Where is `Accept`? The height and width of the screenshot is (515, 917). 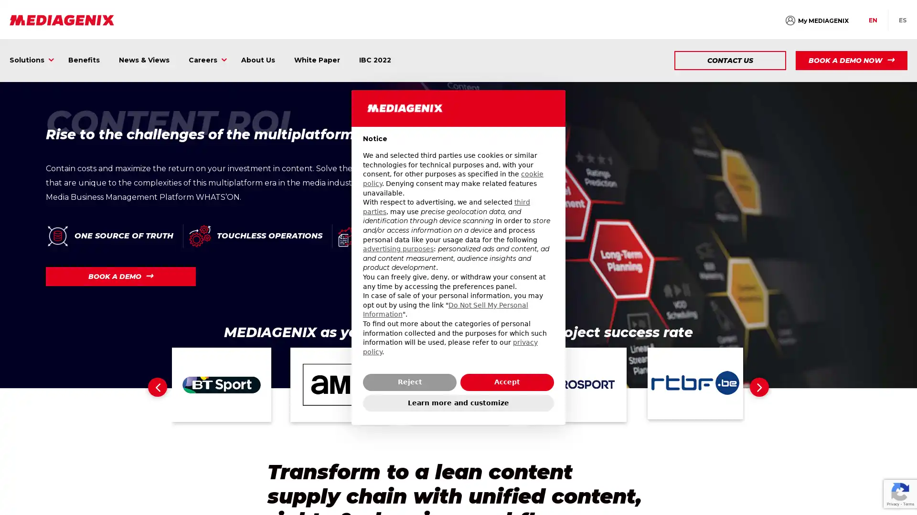 Accept is located at coordinates (506, 381).